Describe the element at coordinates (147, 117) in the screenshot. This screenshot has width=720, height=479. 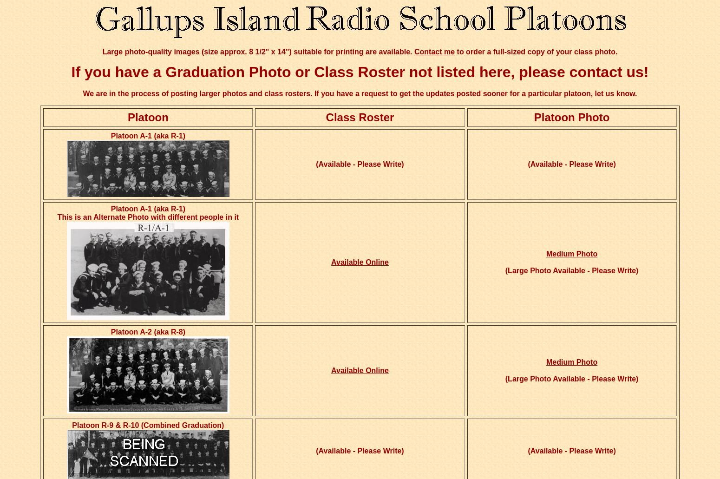
I see `'Platoon'` at that location.